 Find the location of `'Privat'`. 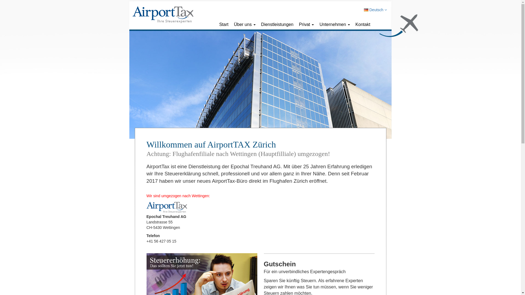

'Privat' is located at coordinates (306, 24).